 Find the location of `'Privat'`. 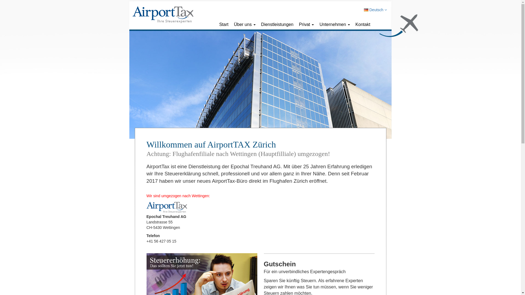

'Privat' is located at coordinates (306, 24).